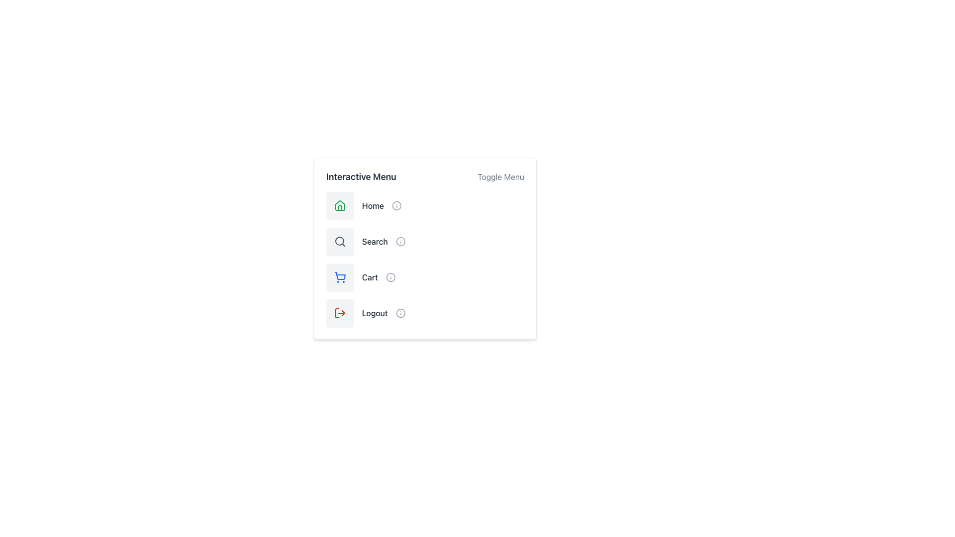  I want to click on the button positioned third in the vertical menu list, so click(425, 277).